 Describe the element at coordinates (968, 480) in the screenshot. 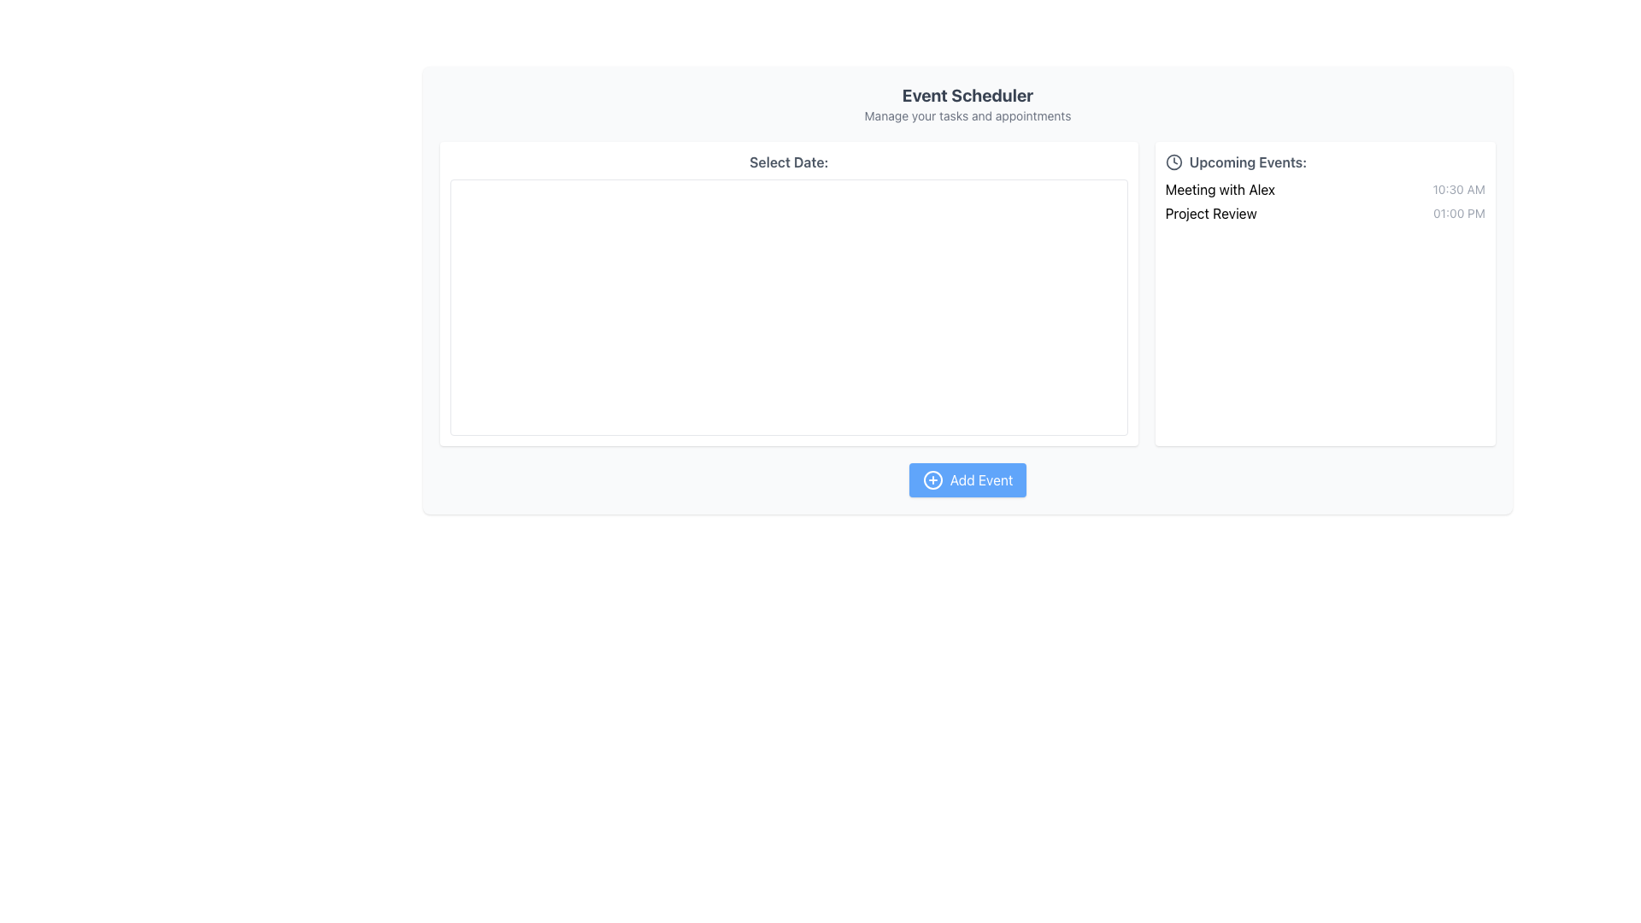

I see `the 'Add Event' button located at the bottom center of the interface to observe the color change effect` at that location.